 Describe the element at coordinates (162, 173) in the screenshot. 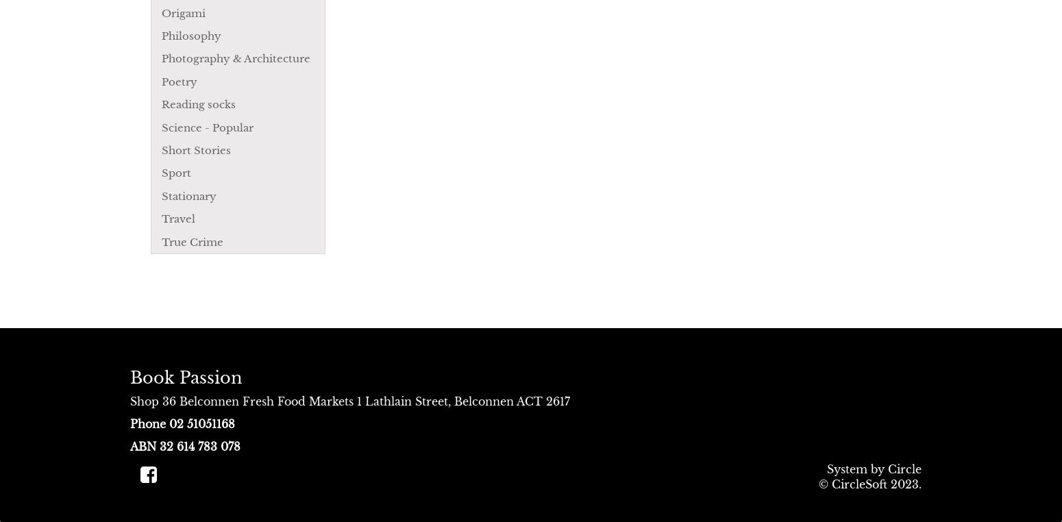

I see `'Sport'` at that location.